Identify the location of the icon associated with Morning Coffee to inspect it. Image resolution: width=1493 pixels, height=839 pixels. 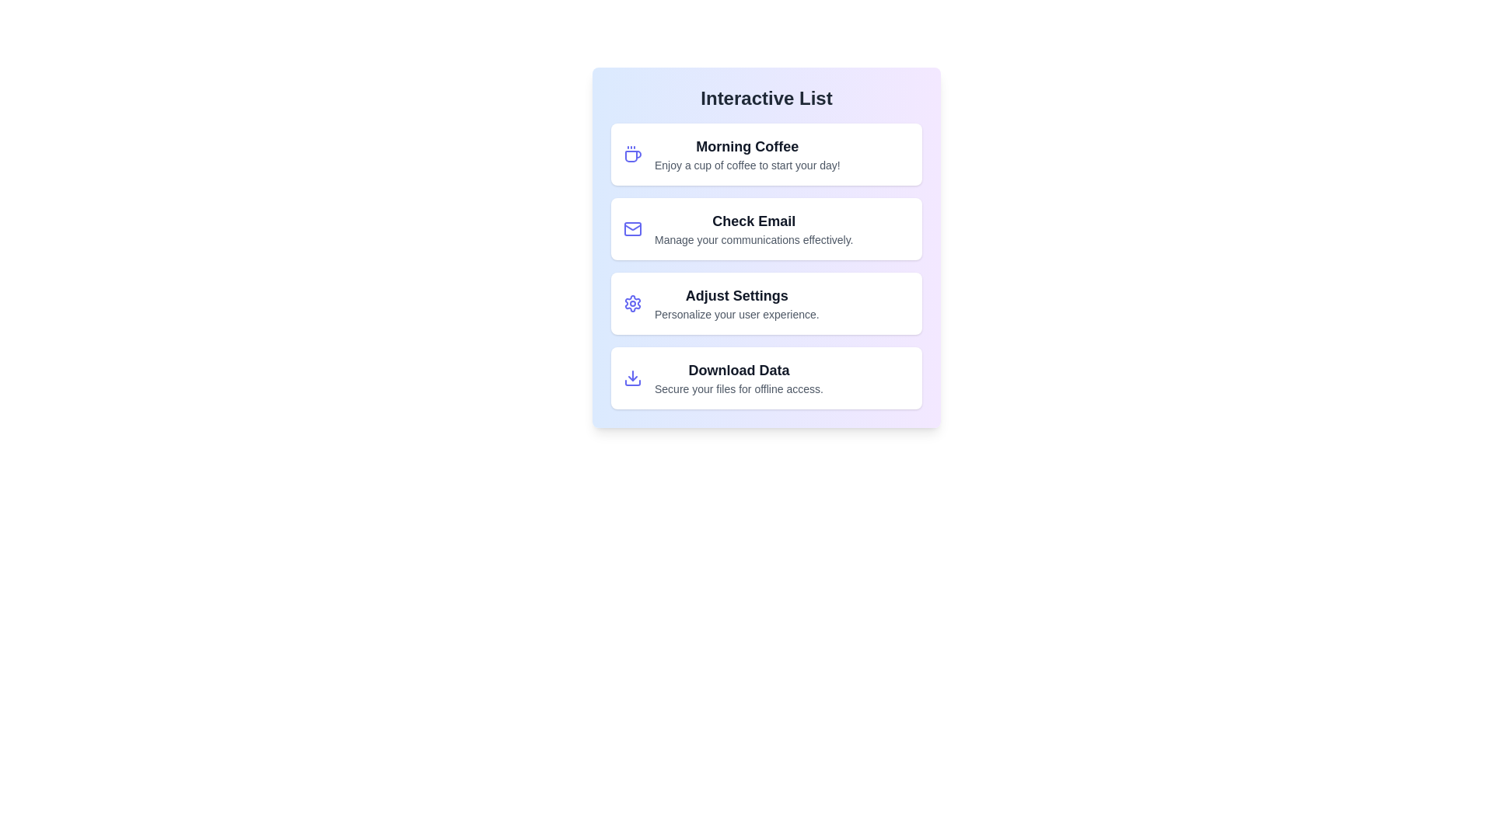
(633, 155).